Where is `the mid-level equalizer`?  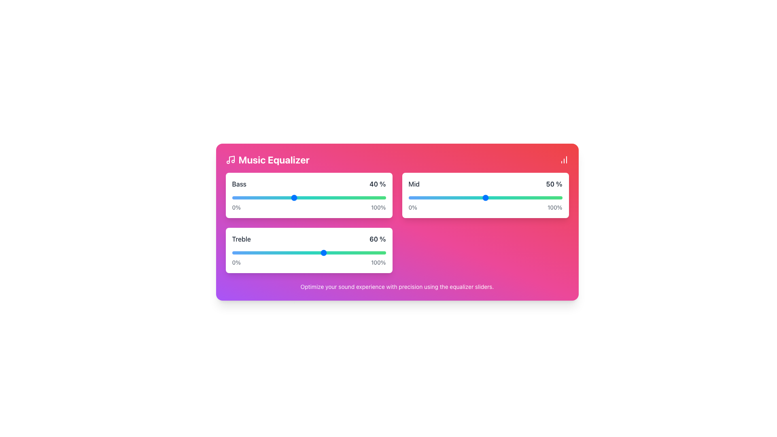 the mid-level equalizer is located at coordinates (408, 198).